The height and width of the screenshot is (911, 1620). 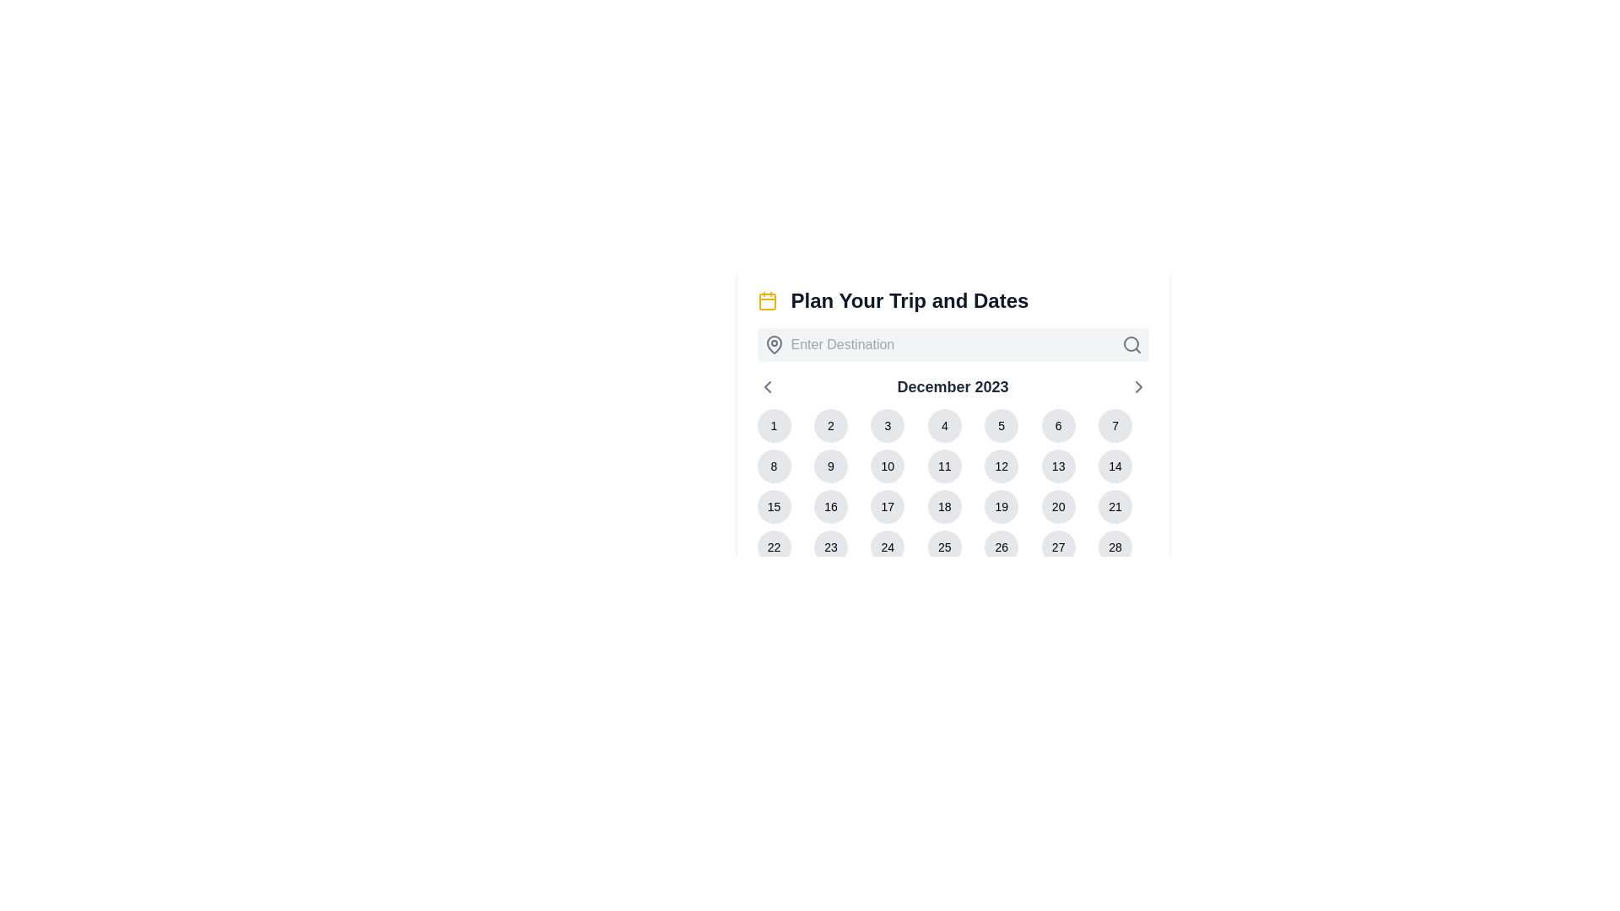 I want to click on the map pin icon located to the left of the text entry area in the 'Enter Destination' input field, so click(x=773, y=343).